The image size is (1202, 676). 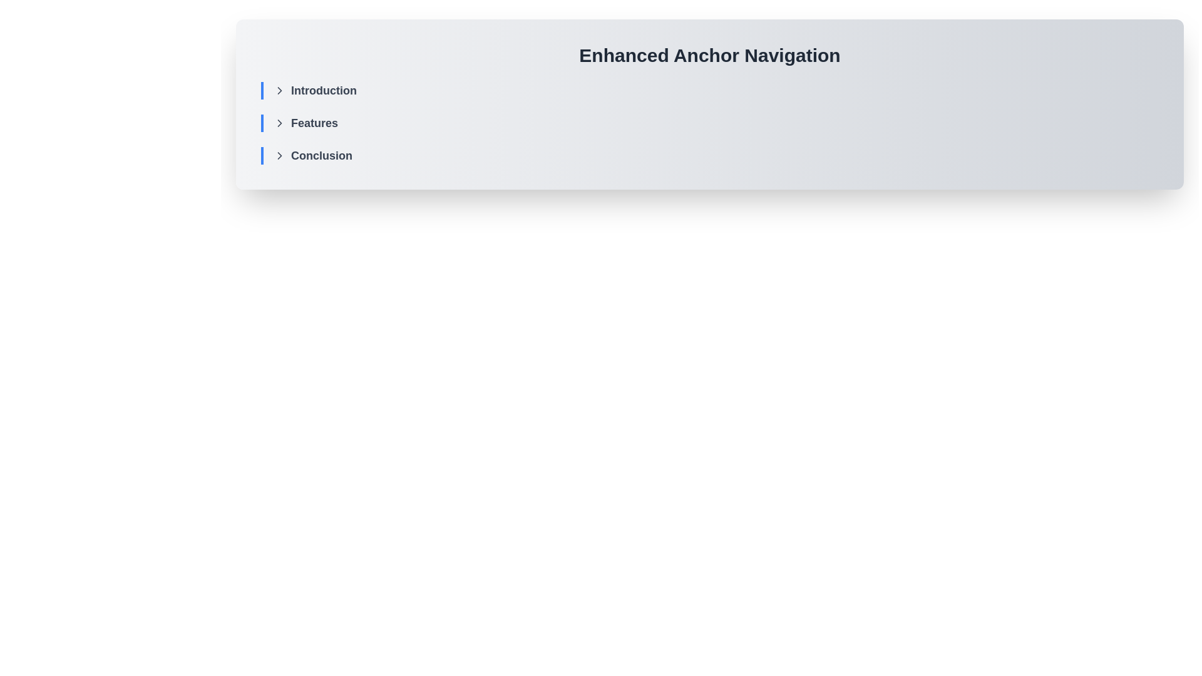 What do you see at coordinates (279, 90) in the screenshot?
I see `the right-facing chevron icon that is adjacent to the text 'Introduction', indicating expandable navigation functionality` at bounding box center [279, 90].